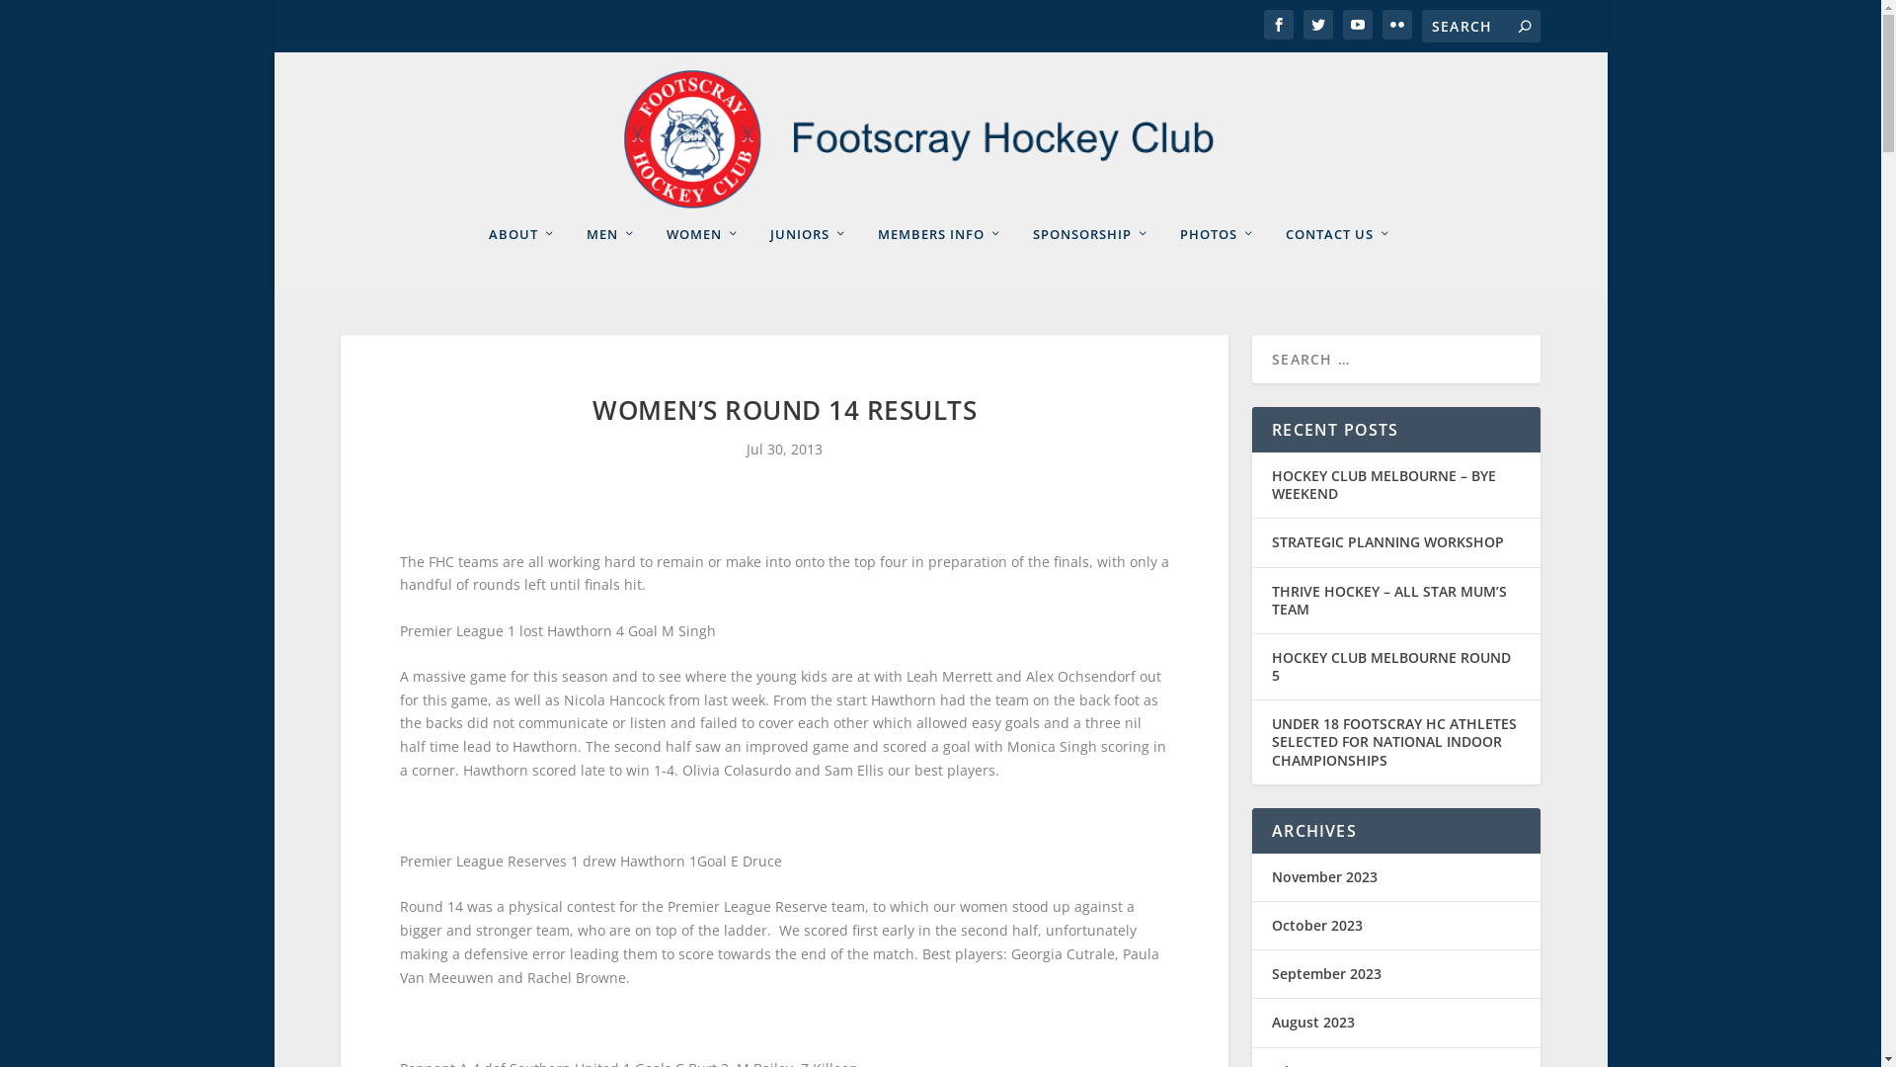  I want to click on 'ABOUT', so click(522, 259).